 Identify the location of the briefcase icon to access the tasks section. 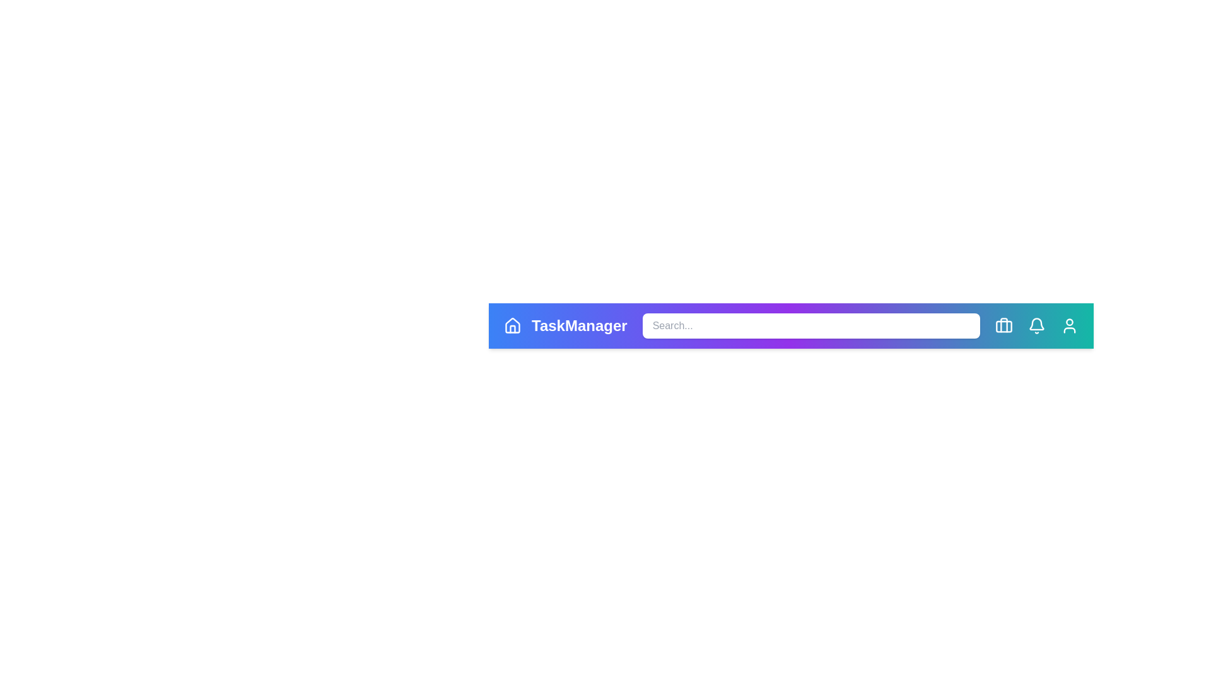
(1003, 325).